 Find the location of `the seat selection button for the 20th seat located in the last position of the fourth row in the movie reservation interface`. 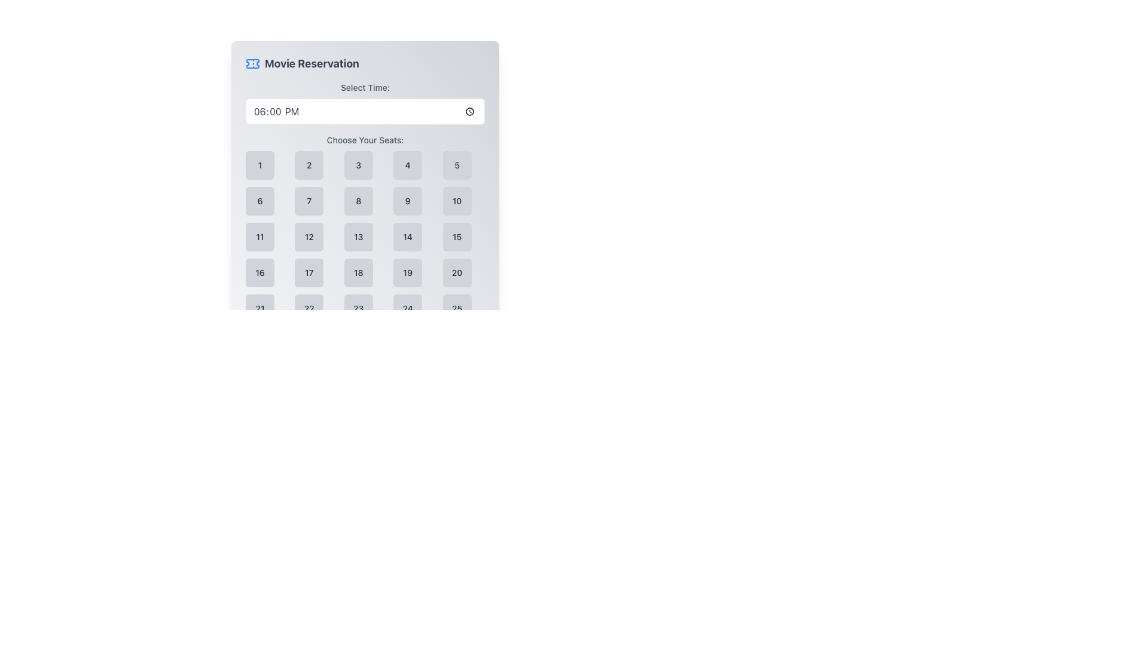

the seat selection button for the 20th seat located in the last position of the fourth row in the movie reservation interface is located at coordinates (456, 272).